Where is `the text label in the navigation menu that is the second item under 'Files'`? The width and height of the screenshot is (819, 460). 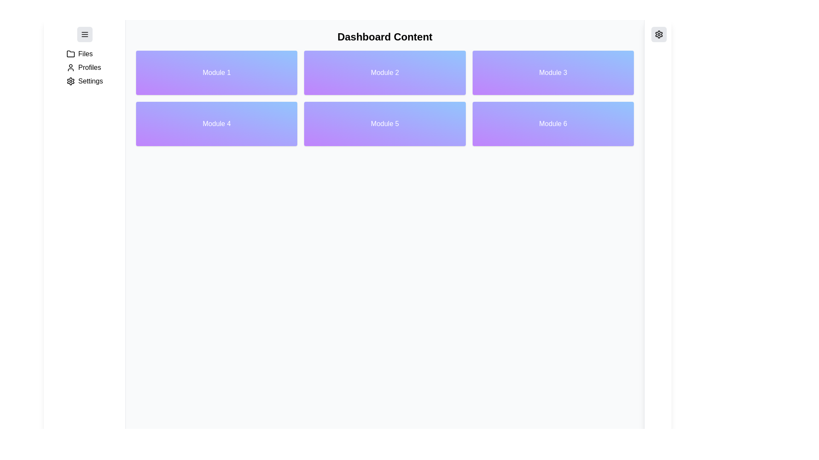
the text label in the navigation menu that is the second item under 'Files' is located at coordinates (90, 67).